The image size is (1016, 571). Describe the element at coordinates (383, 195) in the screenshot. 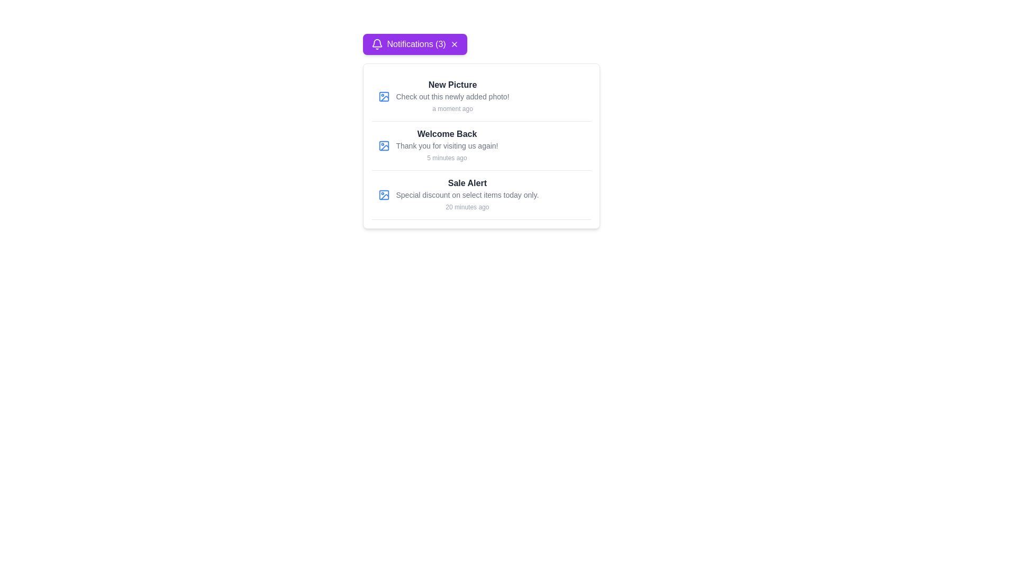

I see `the icon resembling a picture frame with a circle in the top-left corner and a slanted line across it, located in the third notification card to the left of the 'Sale Alert' text` at that location.